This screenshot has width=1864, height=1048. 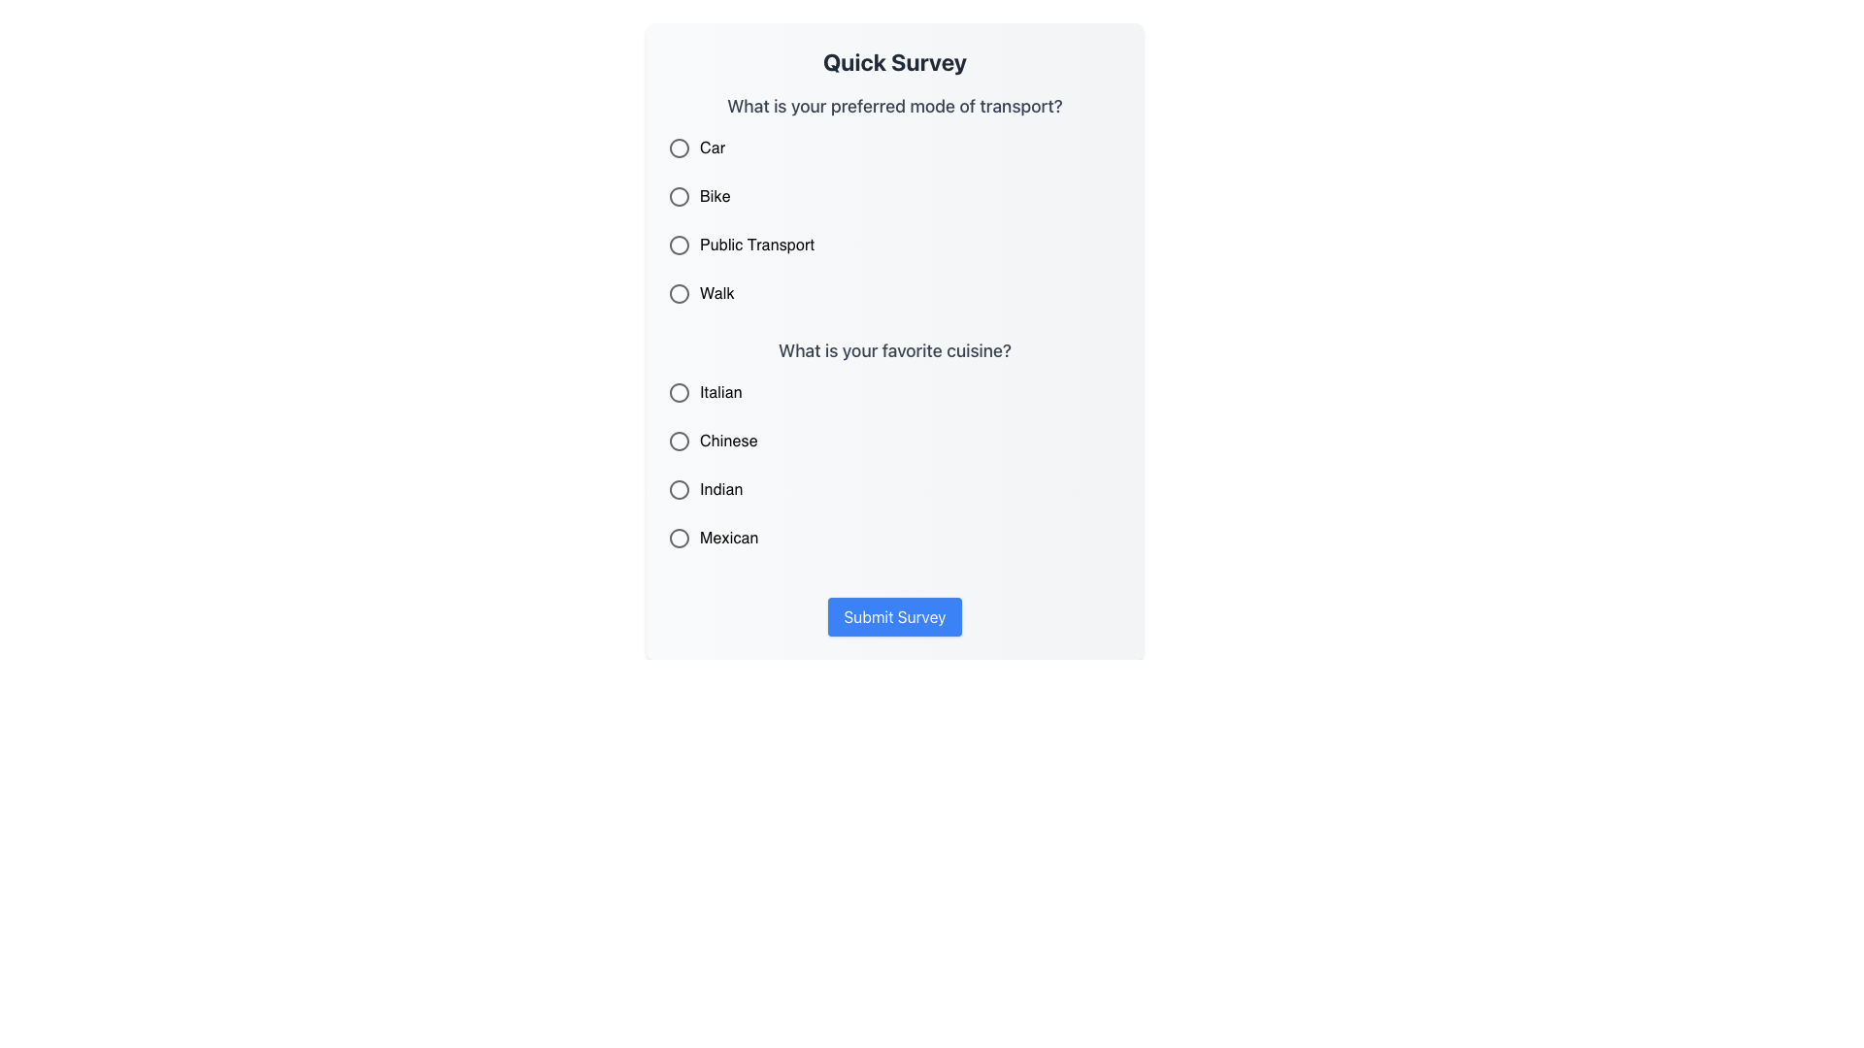 I want to click on the 'Chinese' radio button, so click(x=881, y=442).